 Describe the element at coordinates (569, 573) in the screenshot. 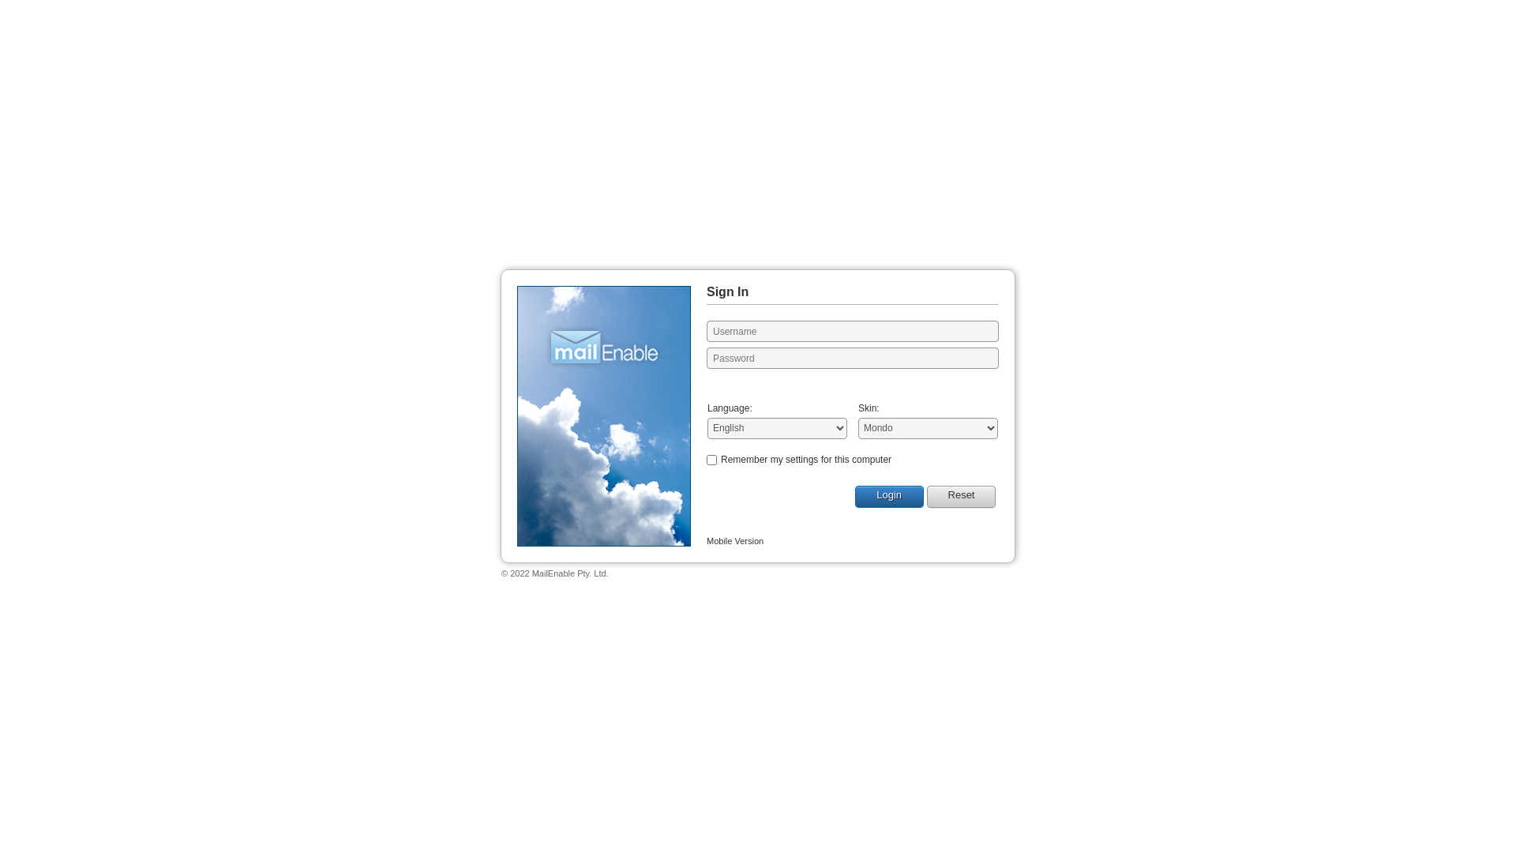

I see `'MailEnable Pty. Ltd.'` at that location.